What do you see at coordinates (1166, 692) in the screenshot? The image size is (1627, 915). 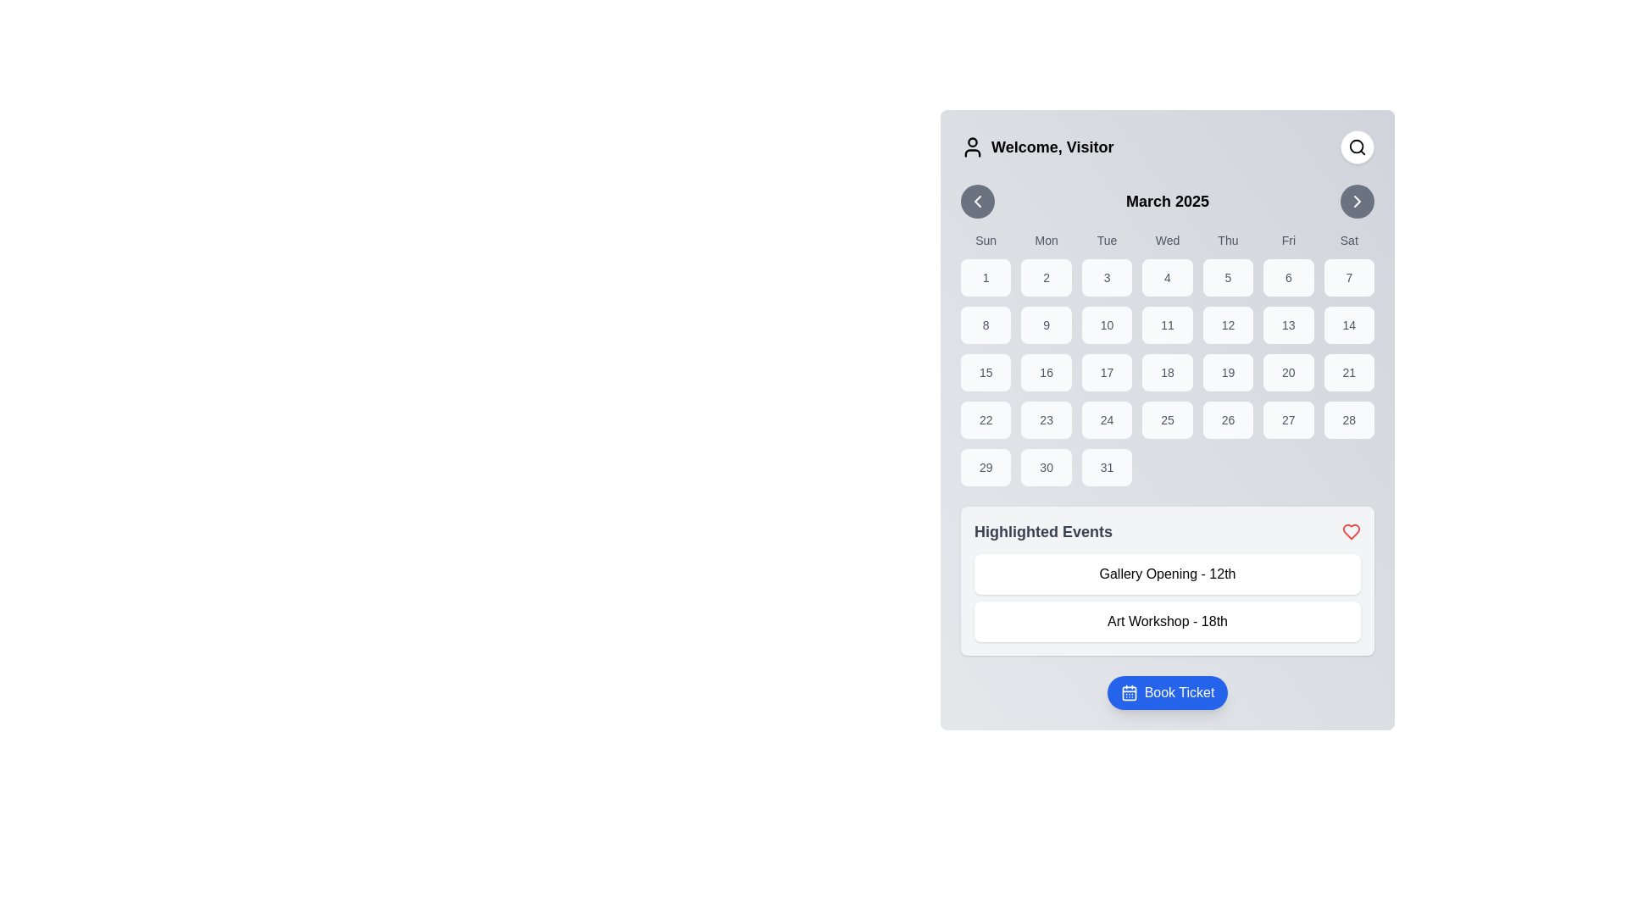 I see `the booking button located at the bottom of the panel, centered horizontally below the 'Highlighted Events' section` at bounding box center [1166, 692].